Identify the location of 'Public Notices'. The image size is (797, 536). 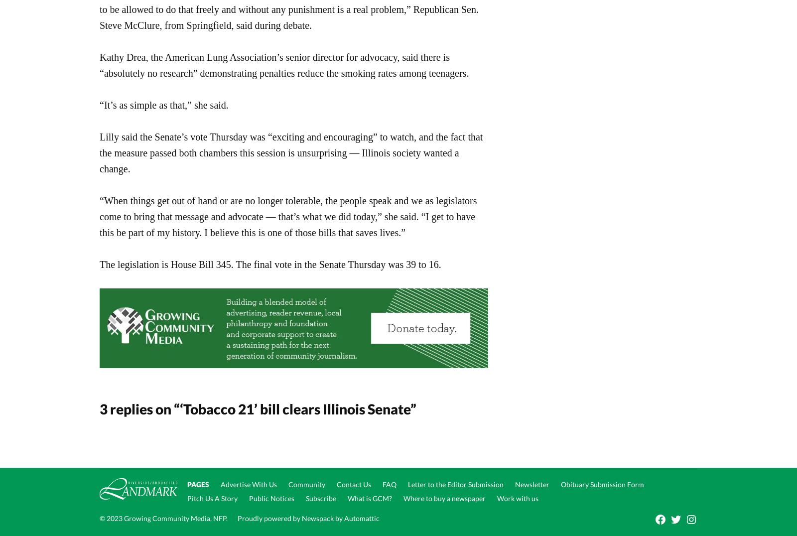
(270, 497).